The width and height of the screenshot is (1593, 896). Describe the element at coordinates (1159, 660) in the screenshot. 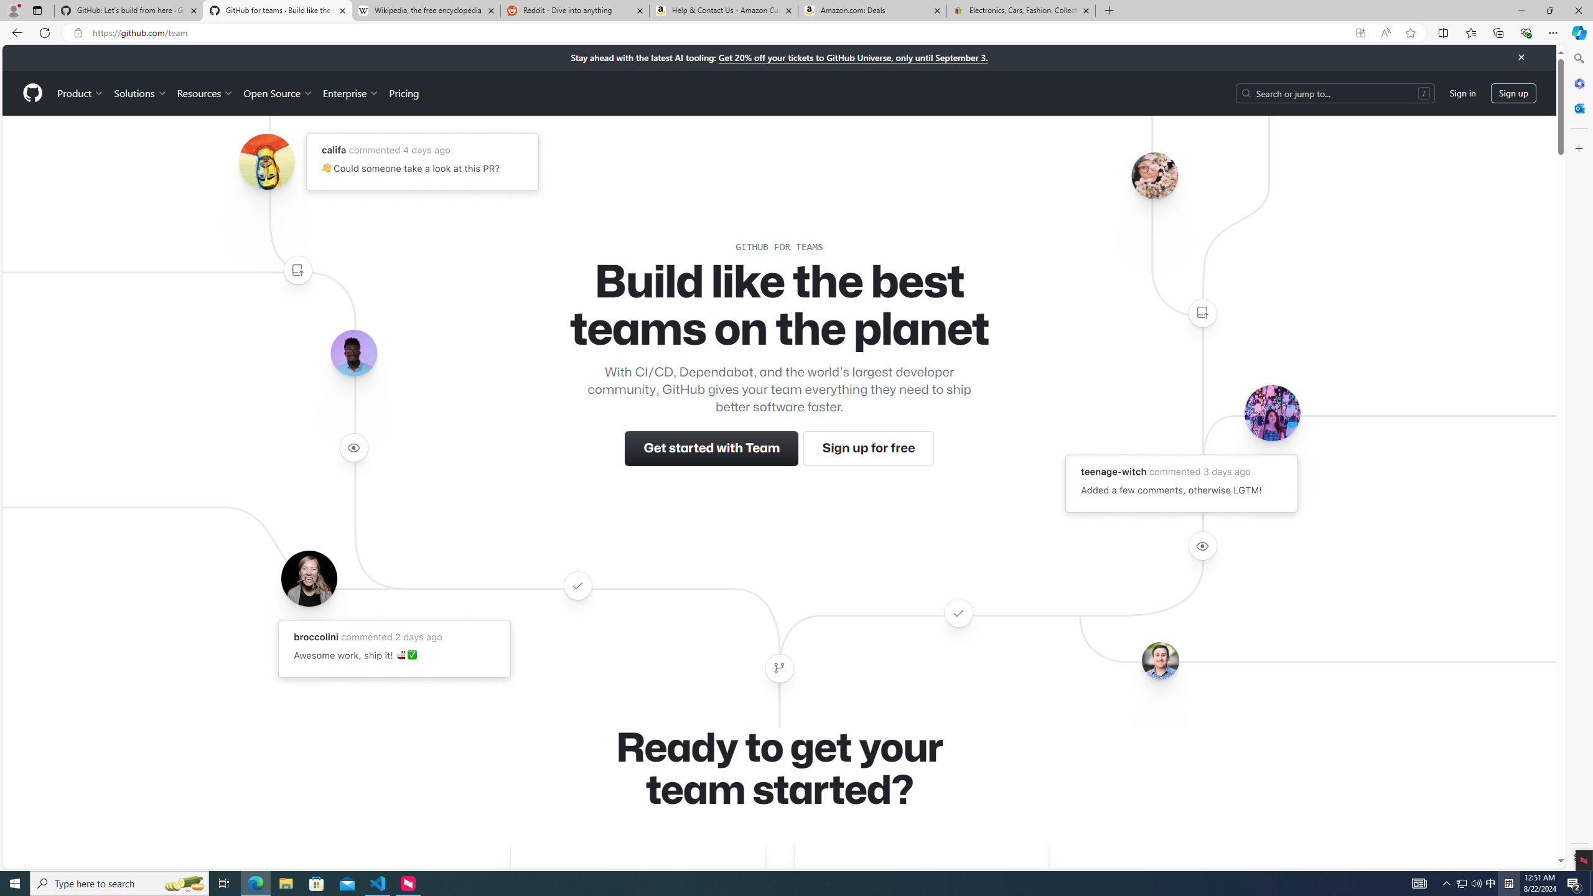

I see `'Avatar of the user benbalter'` at that location.